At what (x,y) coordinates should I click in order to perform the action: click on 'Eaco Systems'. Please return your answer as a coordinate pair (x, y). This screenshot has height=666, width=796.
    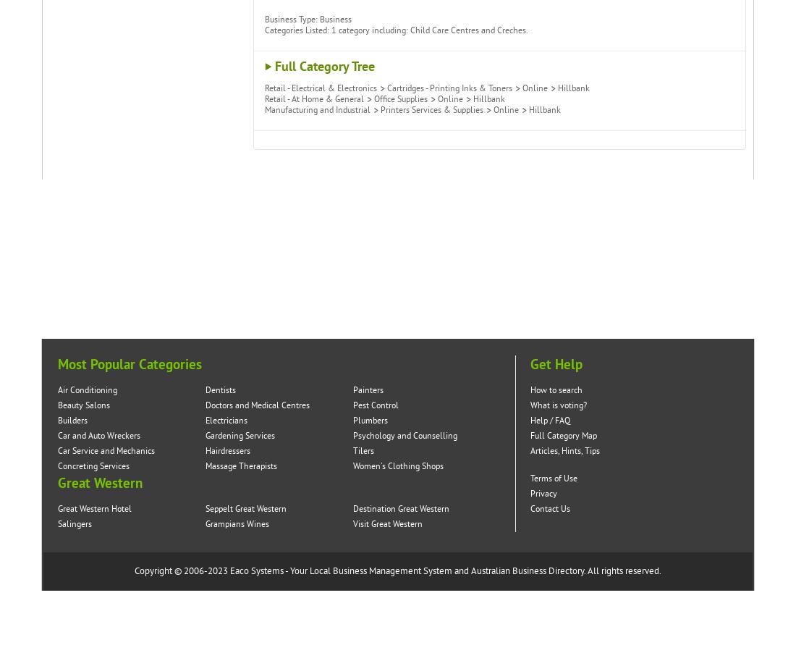
    Looking at the image, I should click on (256, 570).